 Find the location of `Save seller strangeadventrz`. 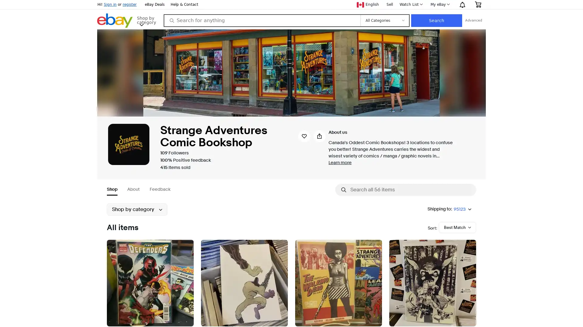

Save seller strangeadventrz is located at coordinates (262, 9).